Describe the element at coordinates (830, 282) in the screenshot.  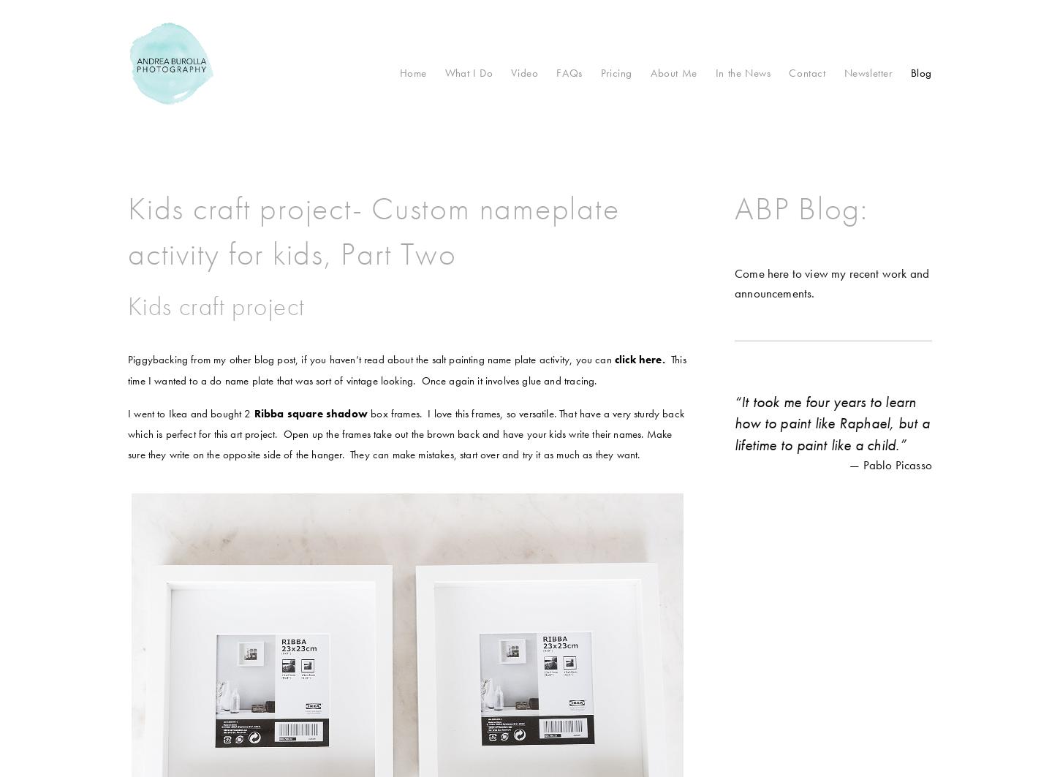
I see `'Come here to view my recent work and announcements.'` at that location.